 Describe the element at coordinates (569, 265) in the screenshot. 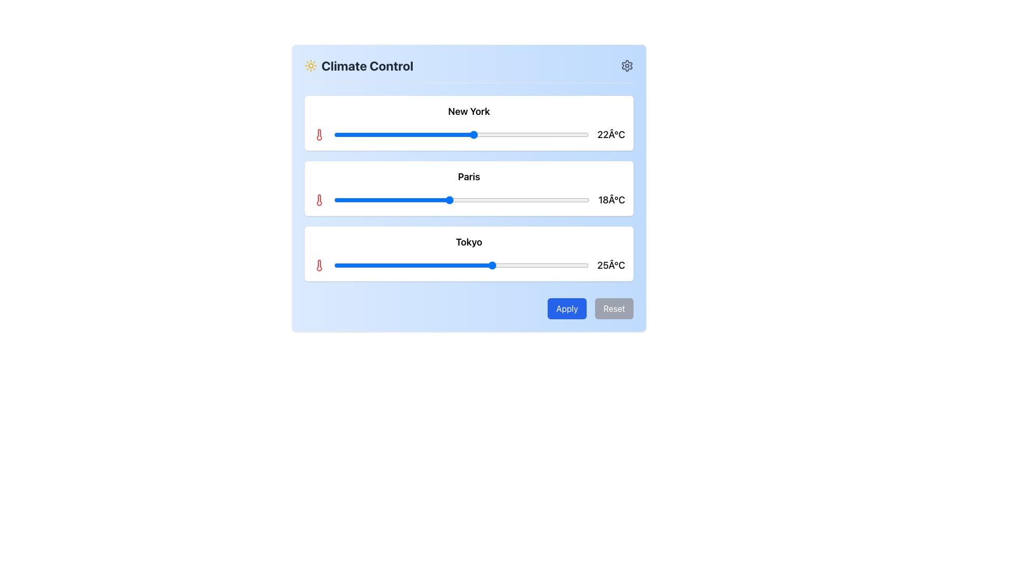

I see `the temperature` at that location.